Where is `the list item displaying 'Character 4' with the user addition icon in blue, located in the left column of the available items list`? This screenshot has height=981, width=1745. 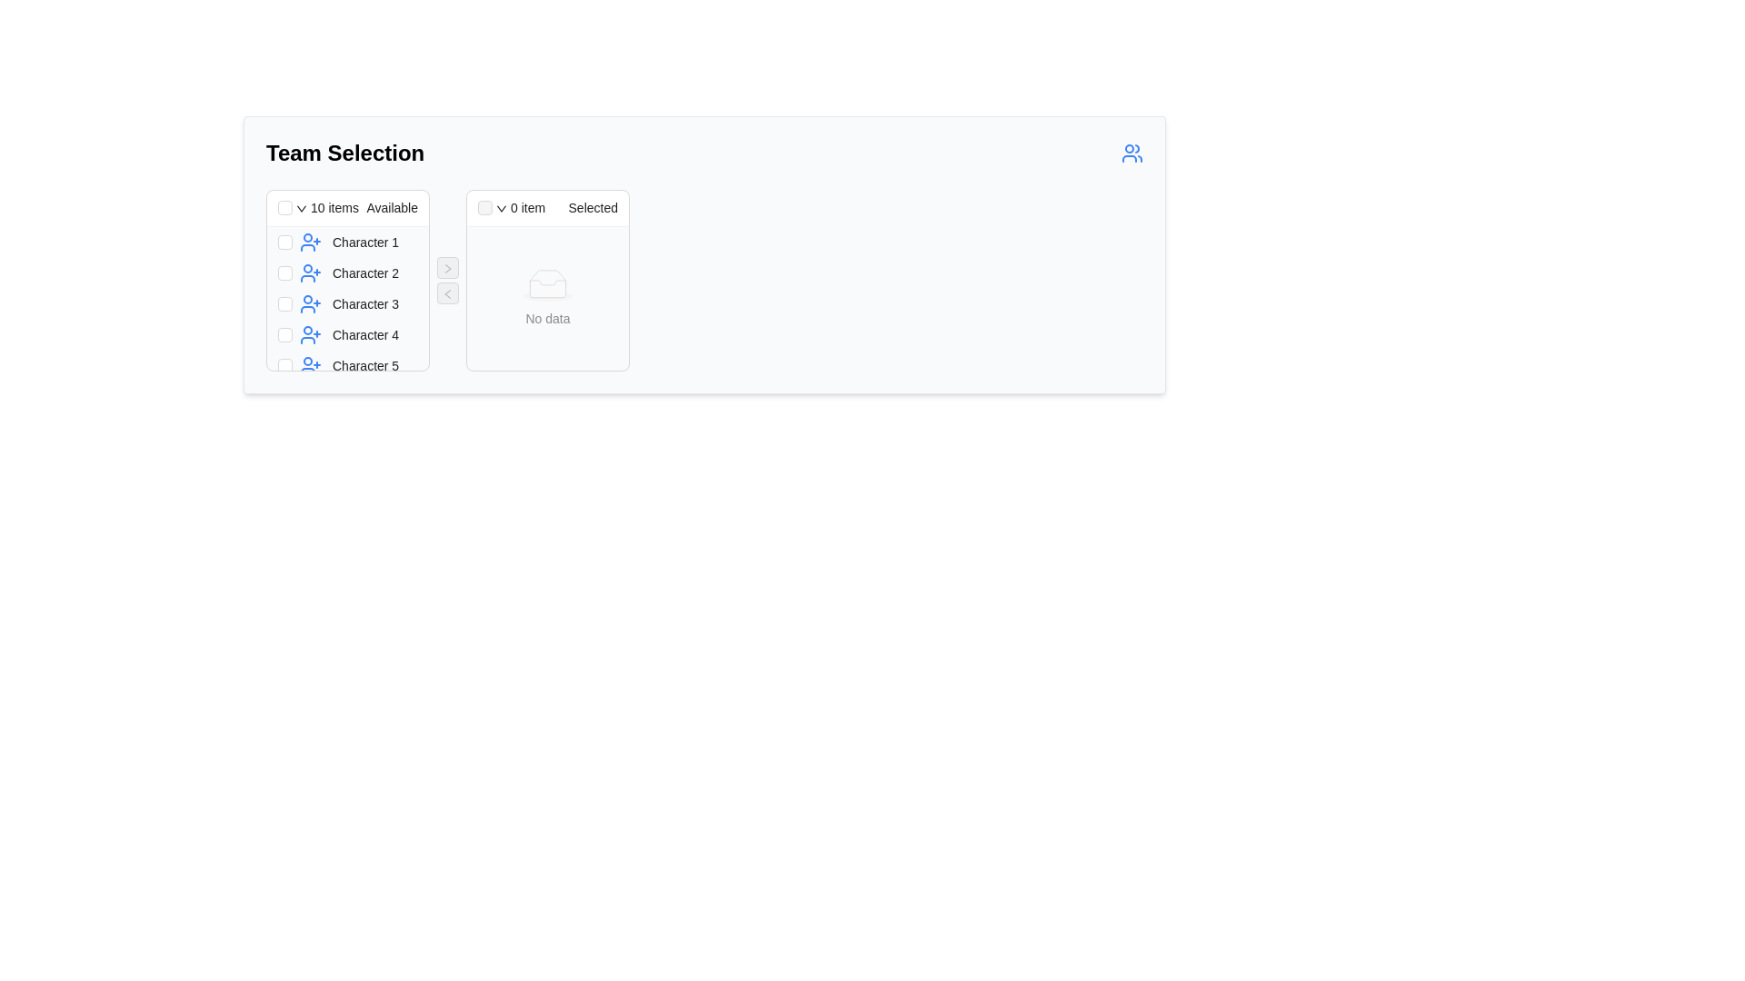
the list item displaying 'Character 4' with the user addition icon in blue, located in the left column of the available items list is located at coordinates (358, 335).